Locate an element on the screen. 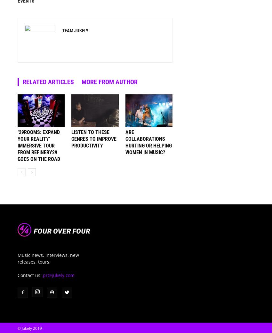  'Contact us:' is located at coordinates (30, 275).